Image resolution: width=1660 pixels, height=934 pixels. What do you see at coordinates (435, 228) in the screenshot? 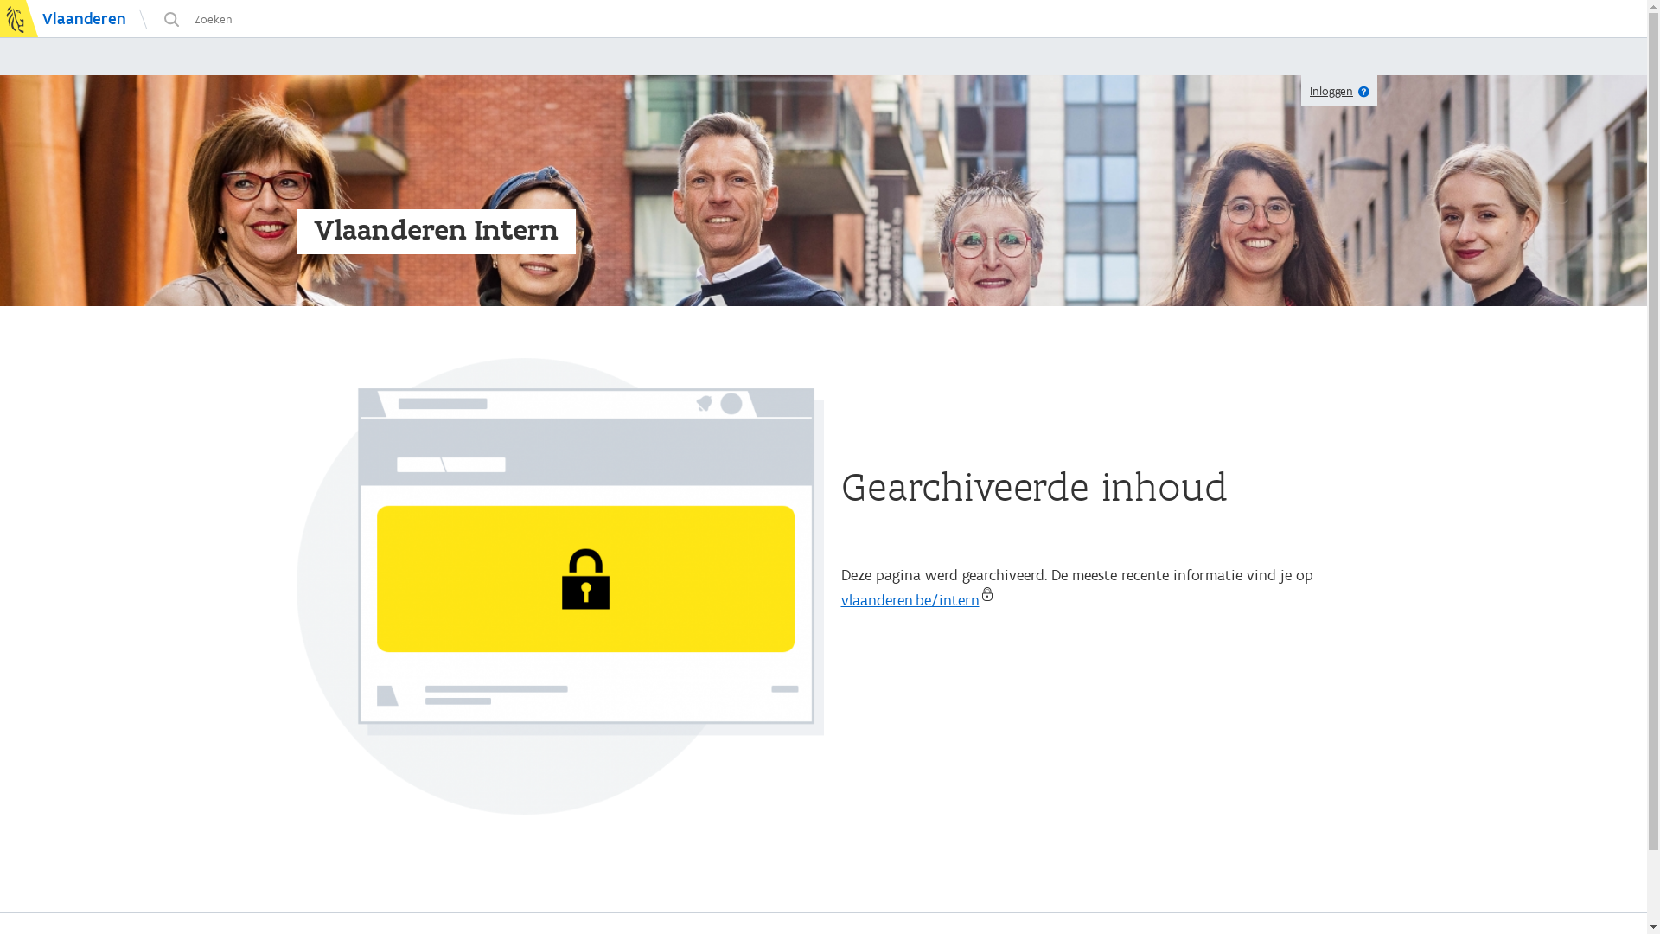
I see `'Vlaanderen Intern'` at bounding box center [435, 228].